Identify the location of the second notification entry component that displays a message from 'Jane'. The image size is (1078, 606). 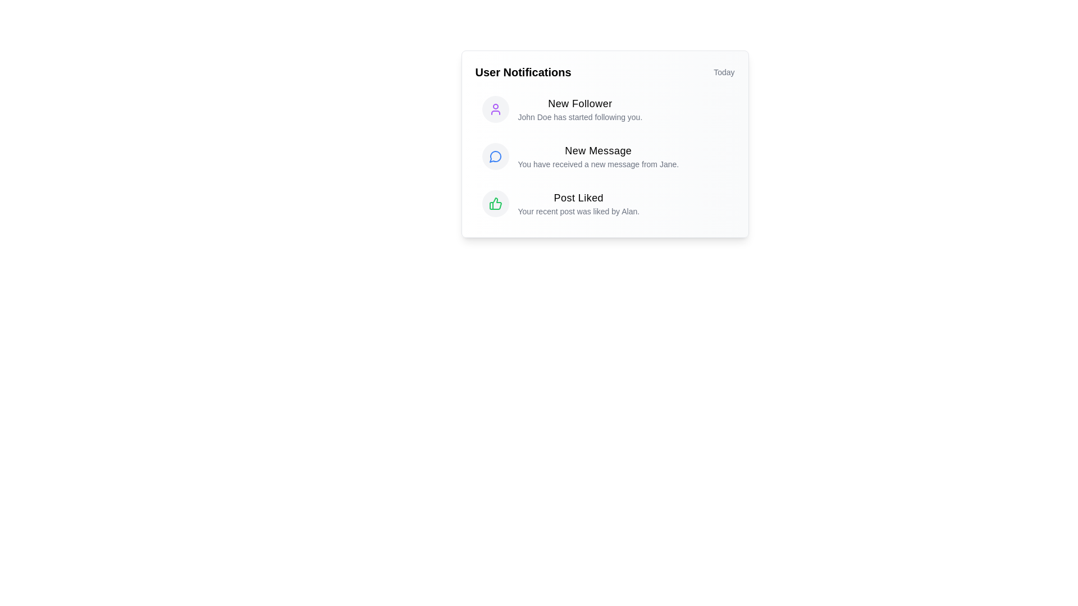
(604, 156).